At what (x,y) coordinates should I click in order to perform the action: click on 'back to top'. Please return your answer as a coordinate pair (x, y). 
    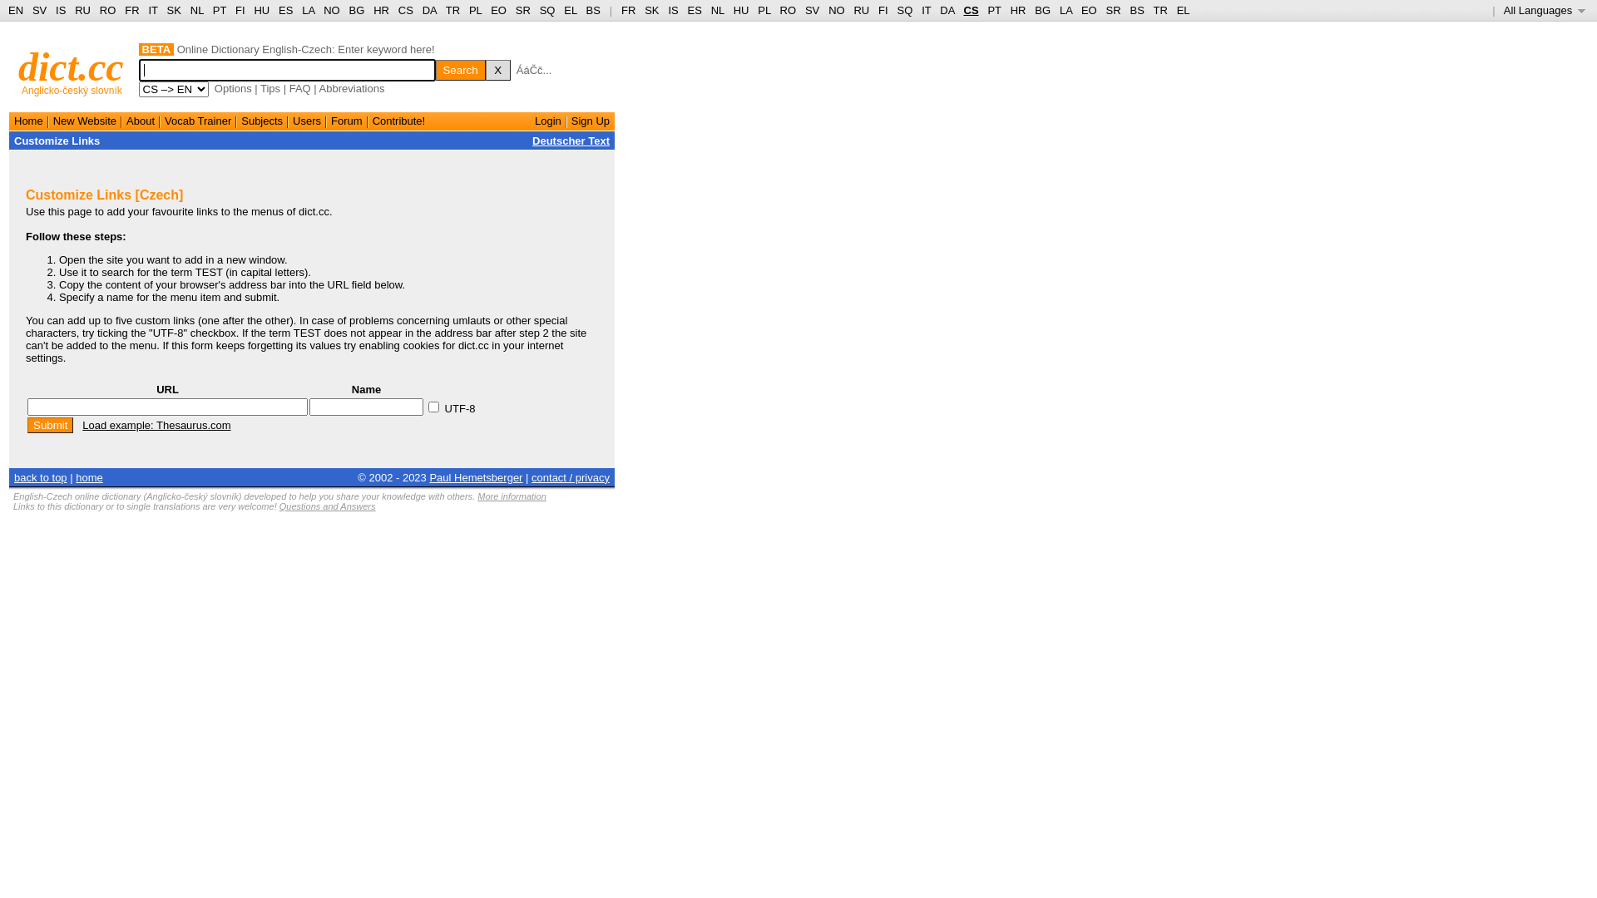
    Looking at the image, I should click on (40, 476).